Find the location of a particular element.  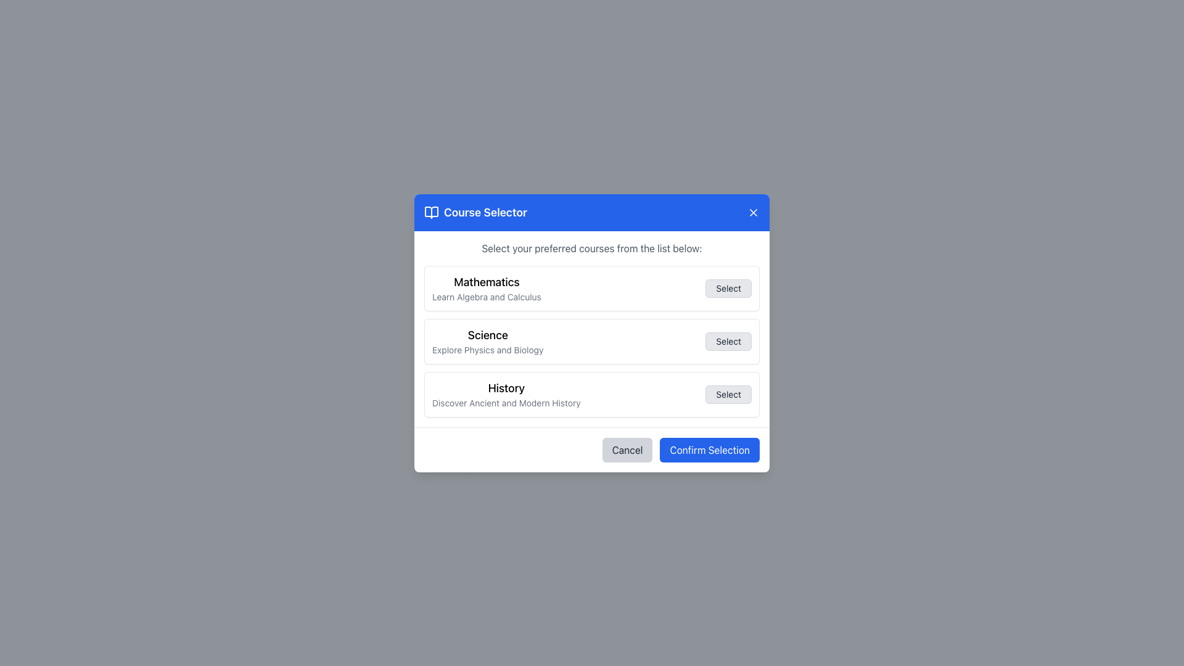

the Close or dismiss icon button located at the top-right corner of the 'Course Selector' dialog box is located at coordinates (753, 211).